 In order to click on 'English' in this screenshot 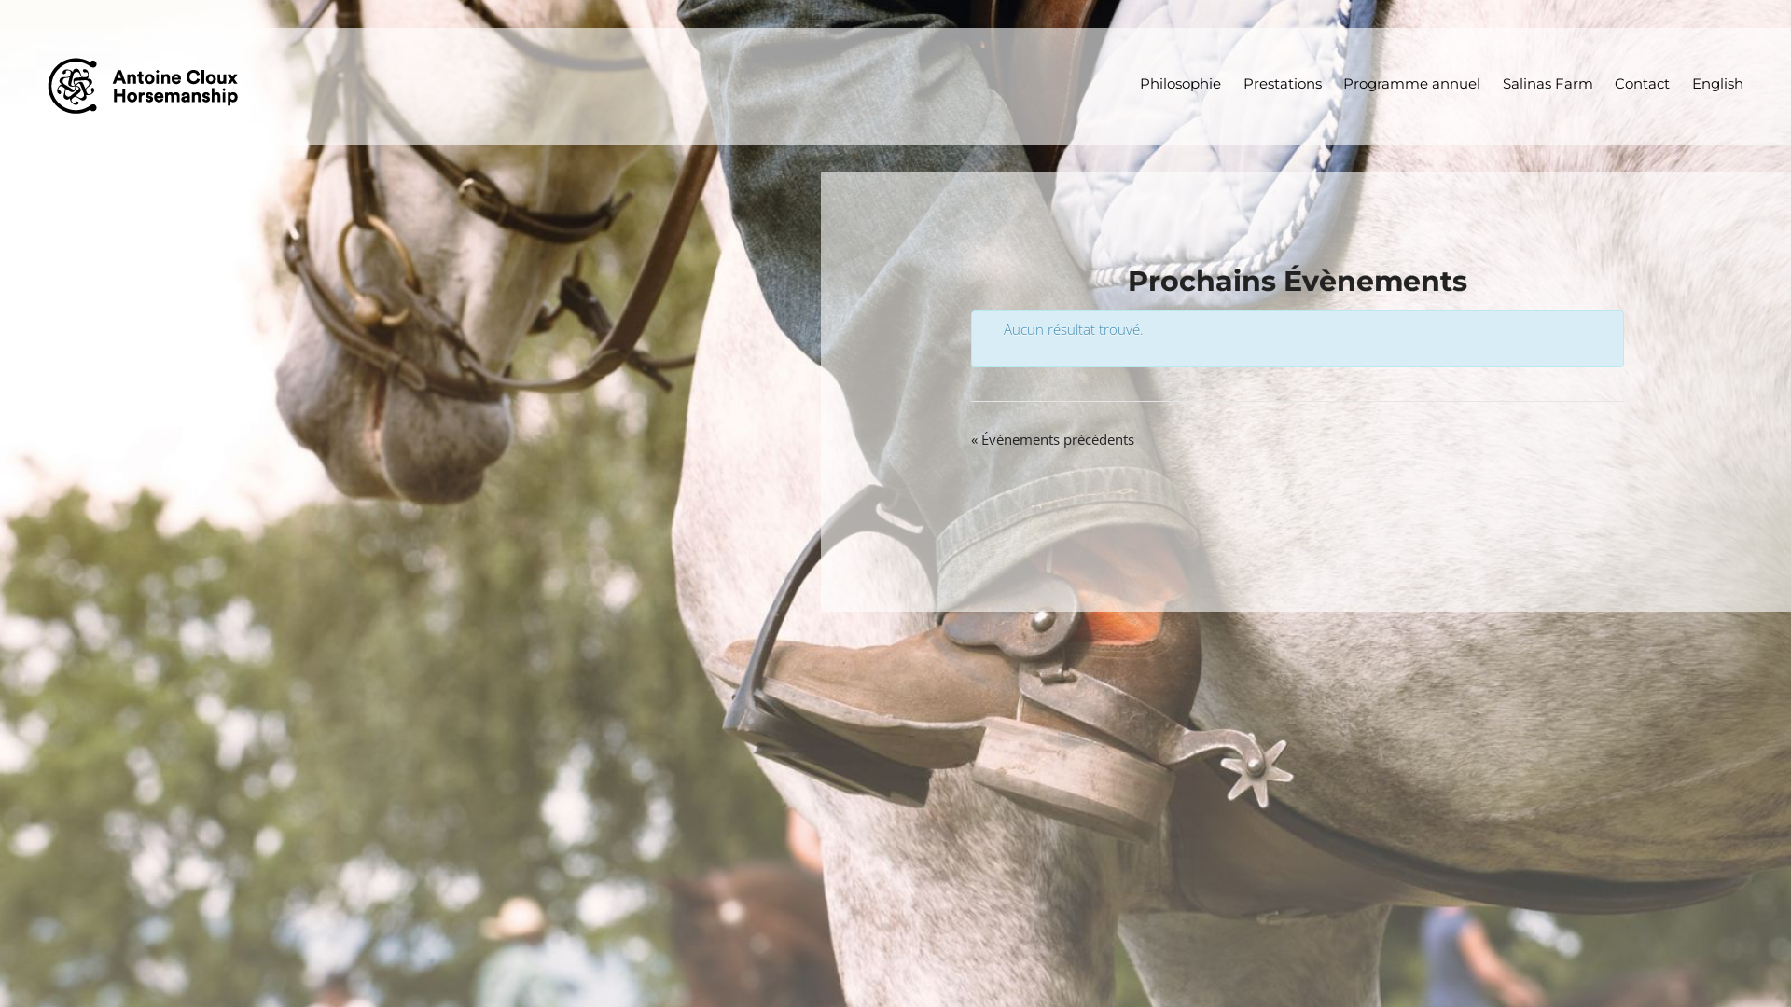, I will do `click(1716, 84)`.